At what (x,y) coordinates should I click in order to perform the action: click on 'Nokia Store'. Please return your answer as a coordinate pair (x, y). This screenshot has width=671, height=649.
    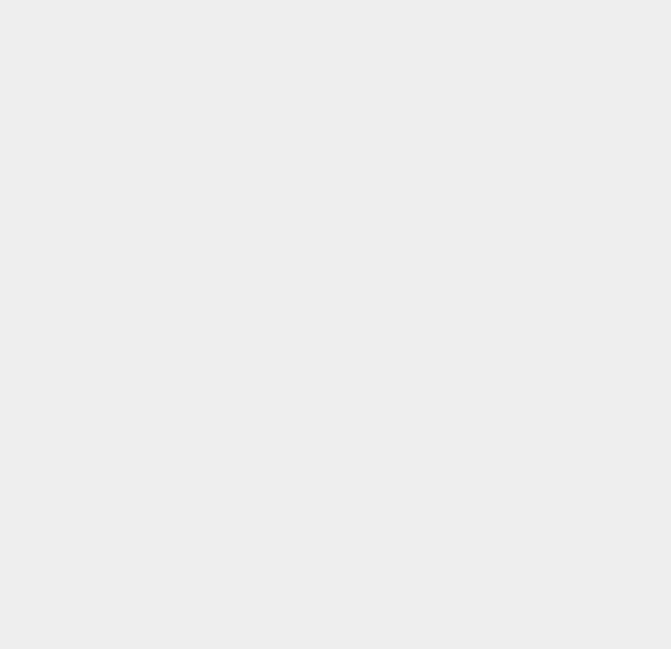
    Looking at the image, I should click on (497, 43).